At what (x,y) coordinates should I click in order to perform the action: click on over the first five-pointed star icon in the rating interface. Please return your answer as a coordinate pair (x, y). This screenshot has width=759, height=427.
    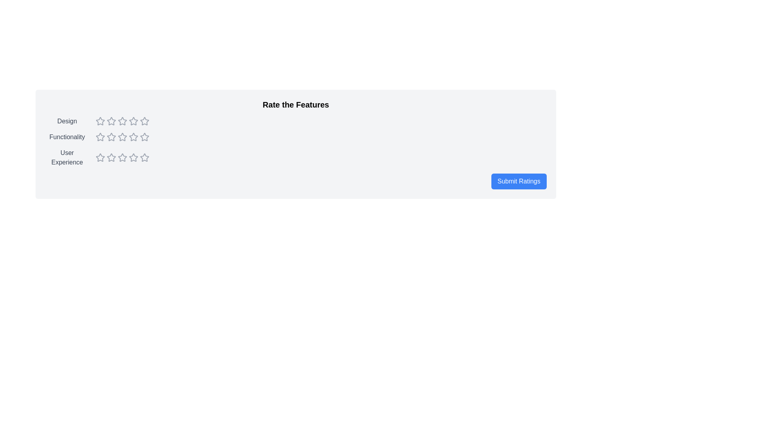
    Looking at the image, I should click on (100, 157).